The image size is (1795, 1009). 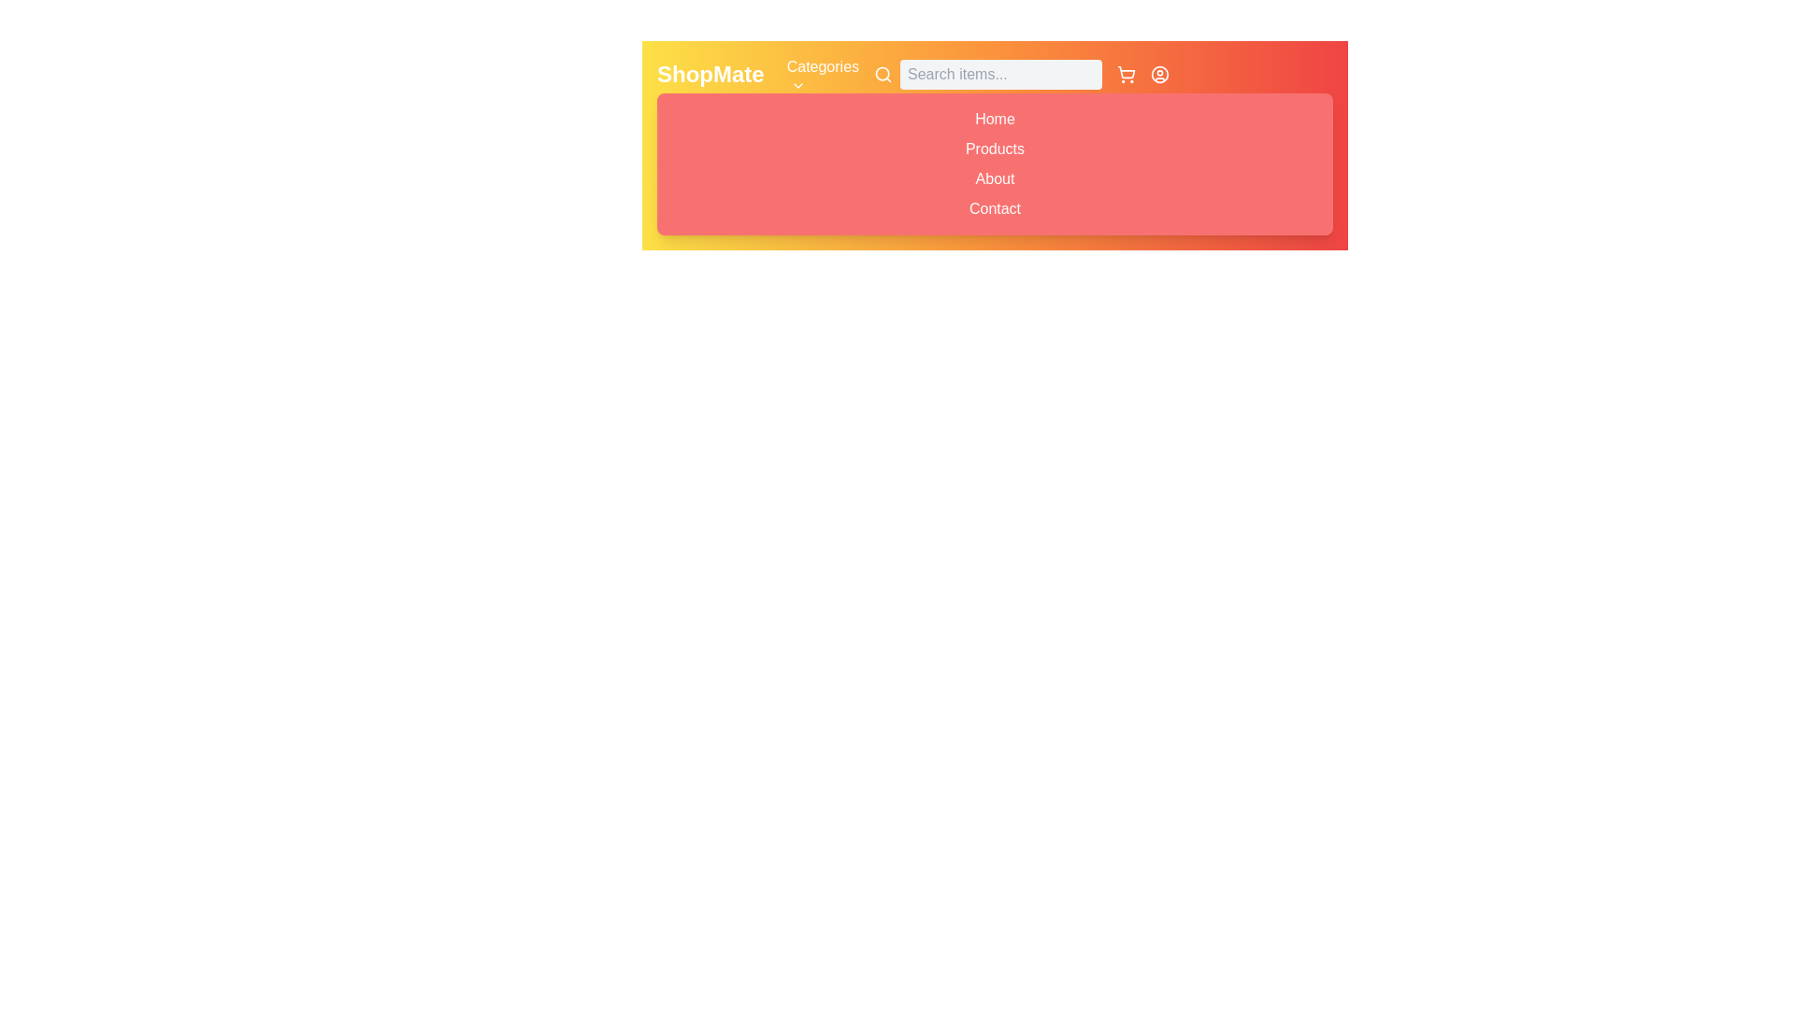 I want to click on the 'Home' hyperlink located in the dropdown menu with a red background, so click(x=994, y=119).